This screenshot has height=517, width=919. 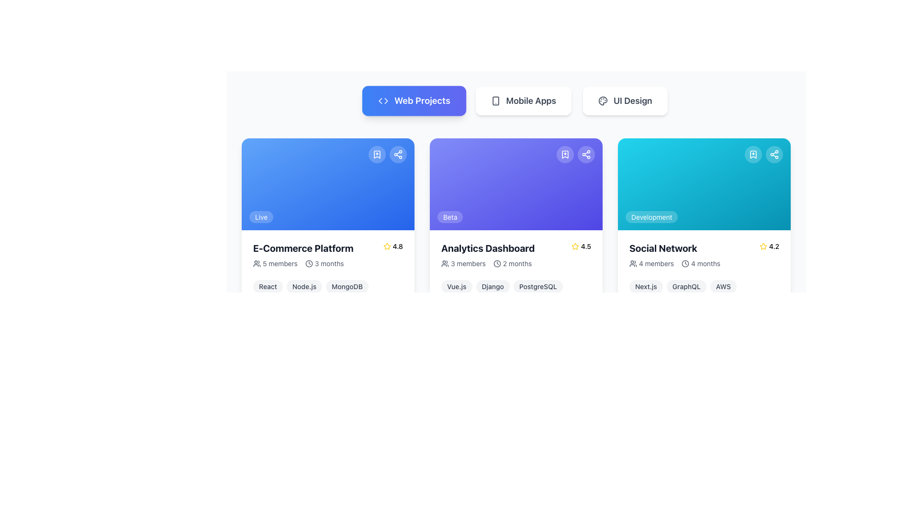 I want to click on the 'PostgreSQL' label, so click(x=538, y=286).